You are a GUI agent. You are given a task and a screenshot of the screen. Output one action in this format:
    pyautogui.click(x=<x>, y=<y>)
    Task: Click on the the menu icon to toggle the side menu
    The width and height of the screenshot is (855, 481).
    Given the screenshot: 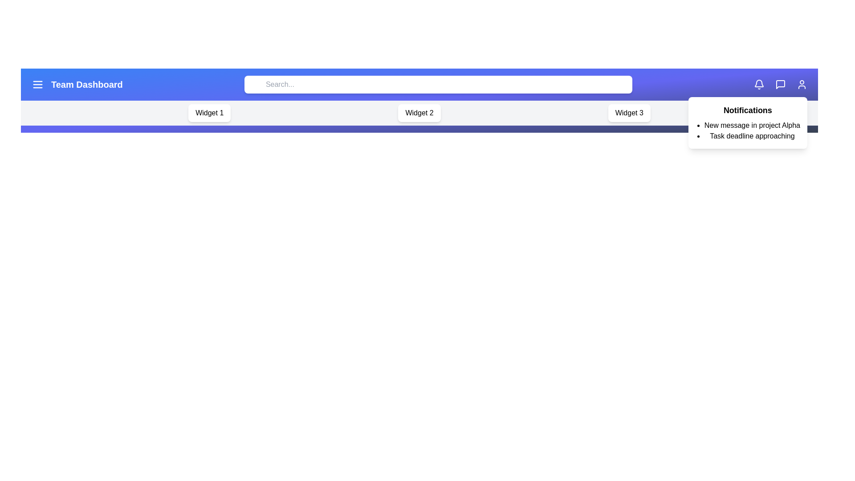 What is the action you would take?
    pyautogui.click(x=37, y=84)
    